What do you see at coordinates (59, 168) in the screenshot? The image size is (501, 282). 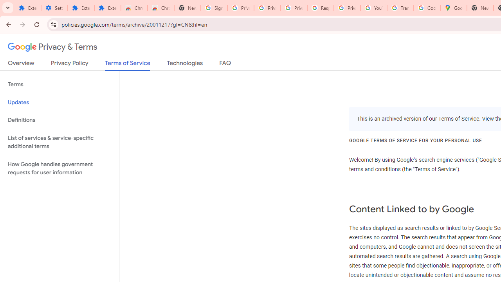 I see `'How Google handles government requests for user information'` at bounding box center [59, 168].